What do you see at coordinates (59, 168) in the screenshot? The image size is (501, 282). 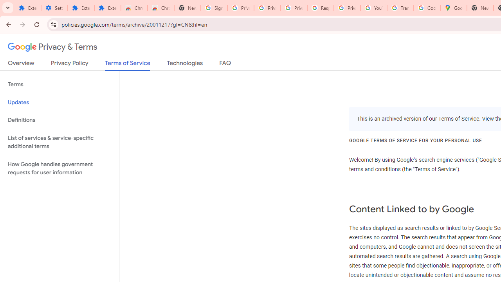 I see `'How Google handles government requests for user information'` at bounding box center [59, 168].